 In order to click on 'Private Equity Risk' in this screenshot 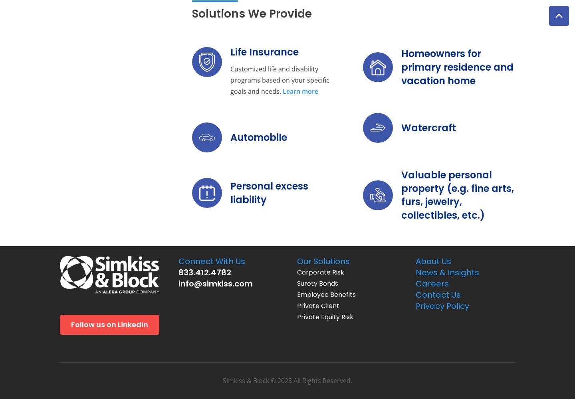, I will do `click(297, 317)`.